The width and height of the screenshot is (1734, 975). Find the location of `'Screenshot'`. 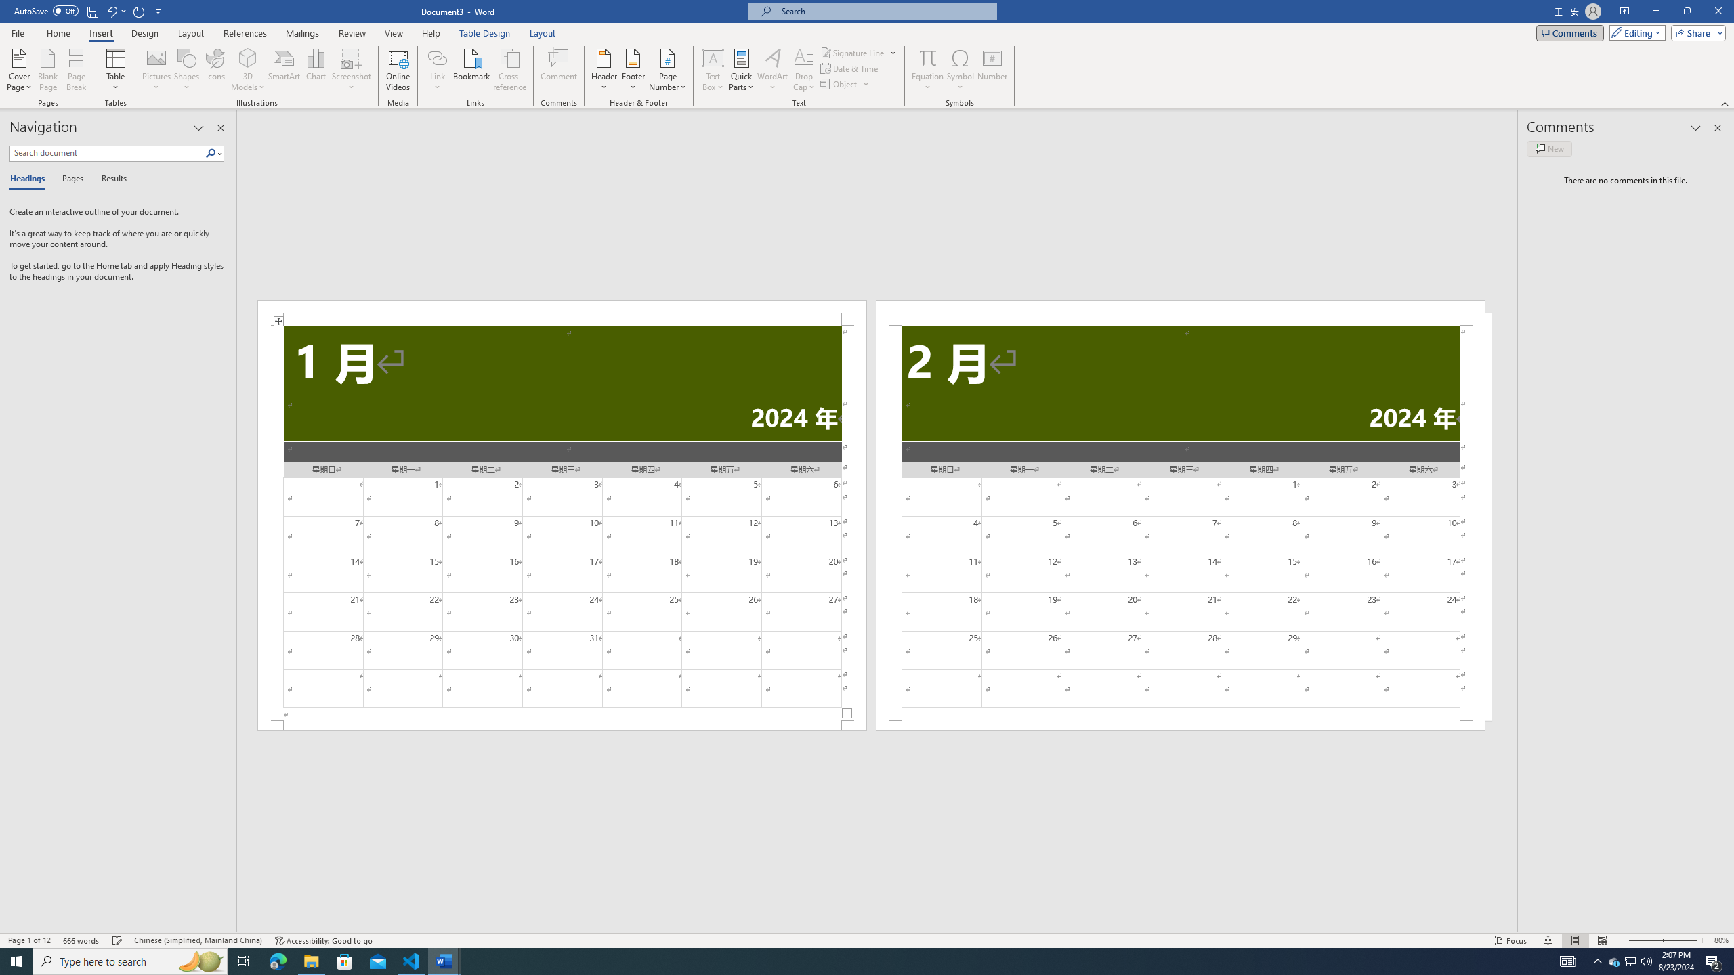

'Screenshot' is located at coordinates (351, 70).